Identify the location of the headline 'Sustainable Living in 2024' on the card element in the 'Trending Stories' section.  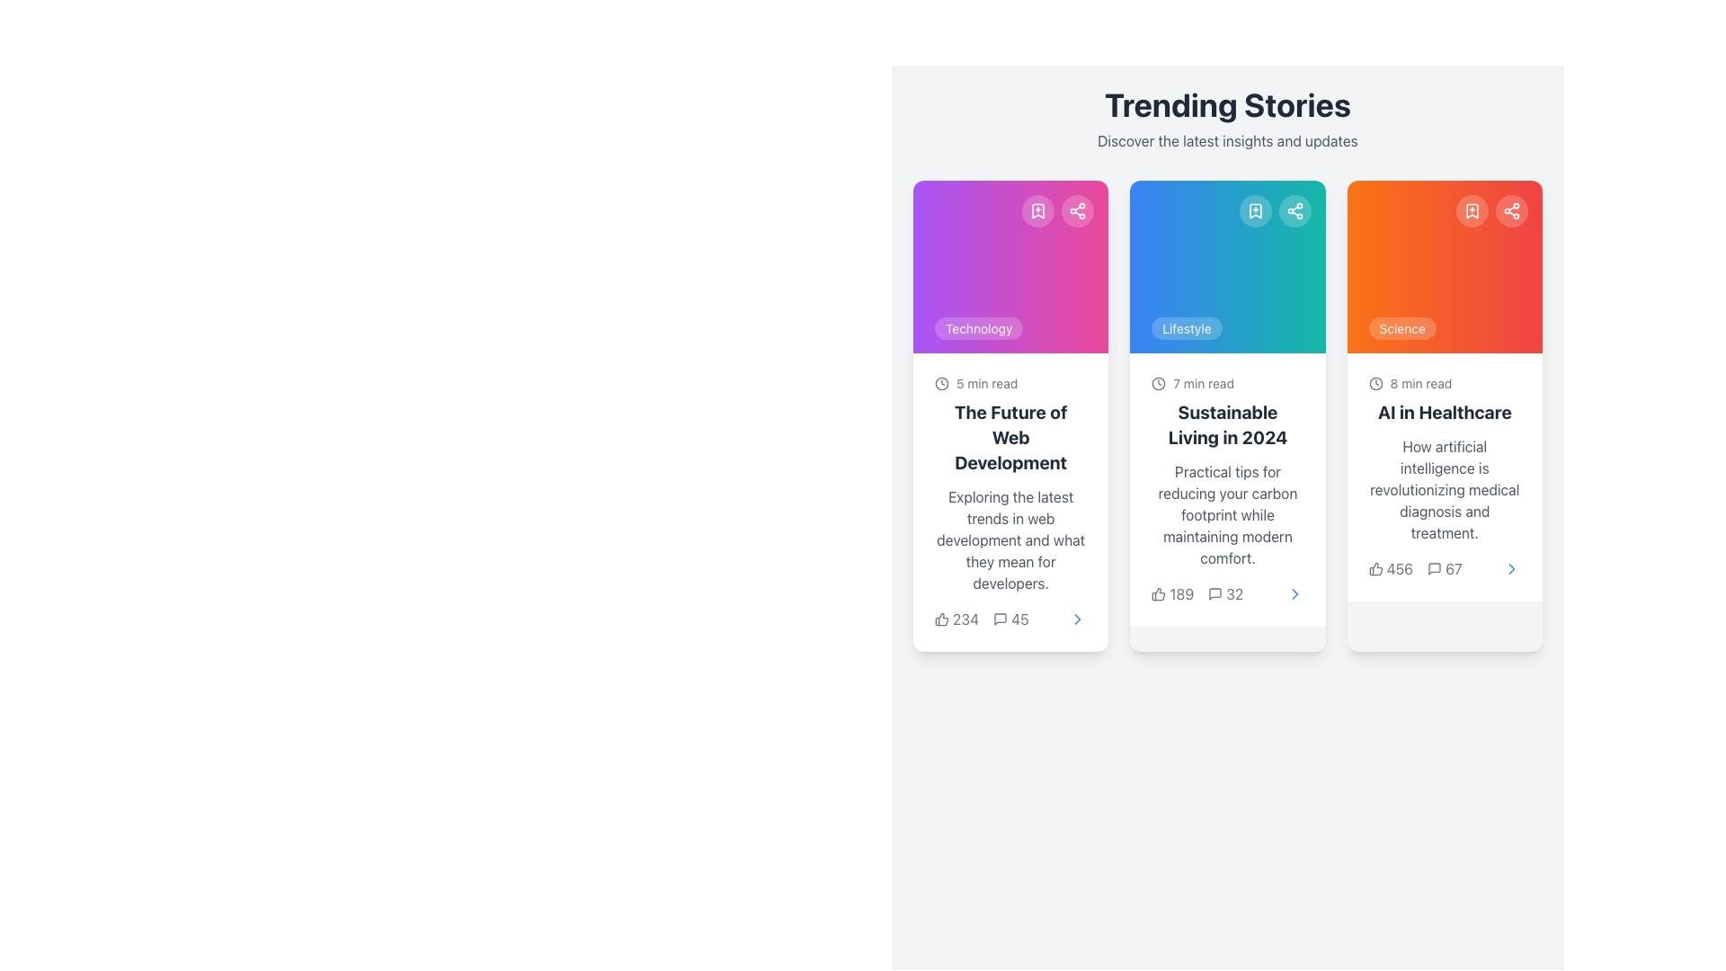
(1227, 489).